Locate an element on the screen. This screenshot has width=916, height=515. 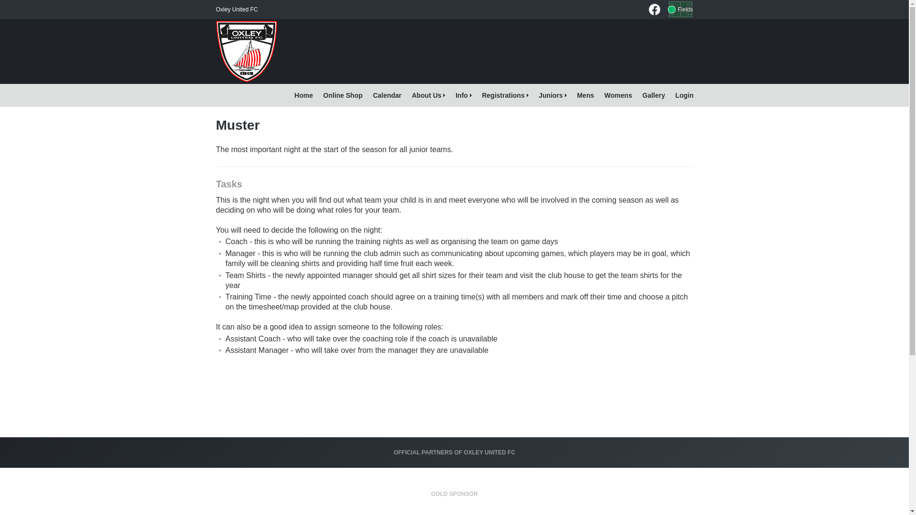
'Juniors' is located at coordinates (552, 95).